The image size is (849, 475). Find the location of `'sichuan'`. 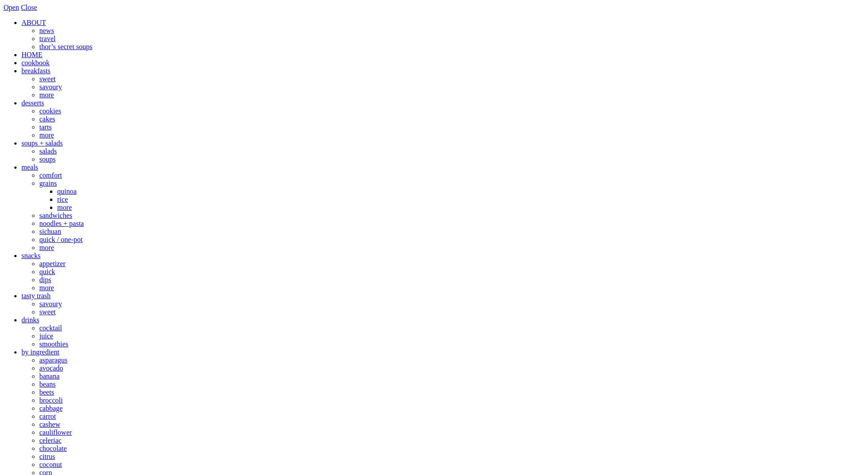

'sichuan' is located at coordinates (50, 231).